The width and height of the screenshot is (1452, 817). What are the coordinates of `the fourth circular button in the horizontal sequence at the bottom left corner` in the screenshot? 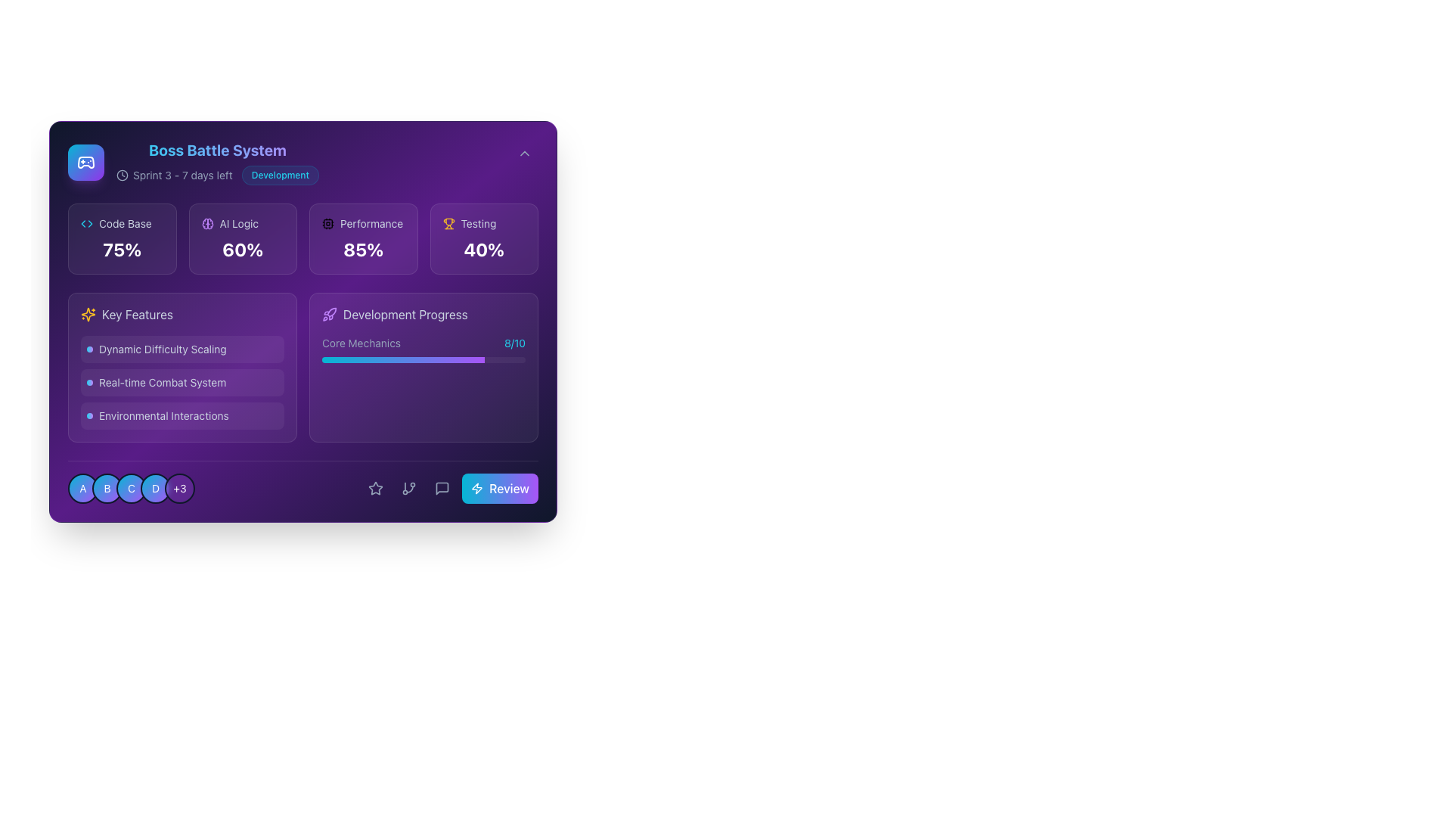 It's located at (156, 488).